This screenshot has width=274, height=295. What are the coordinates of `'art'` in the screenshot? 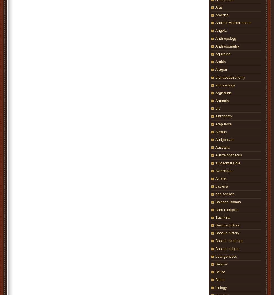 It's located at (217, 108).